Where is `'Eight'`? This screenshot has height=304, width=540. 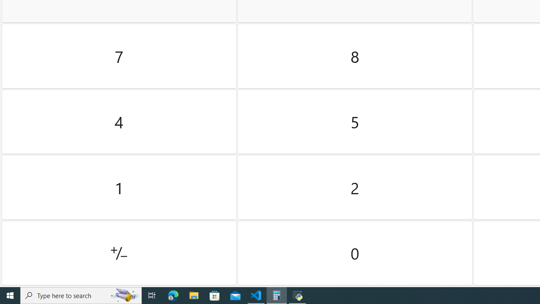
'Eight' is located at coordinates (355, 56).